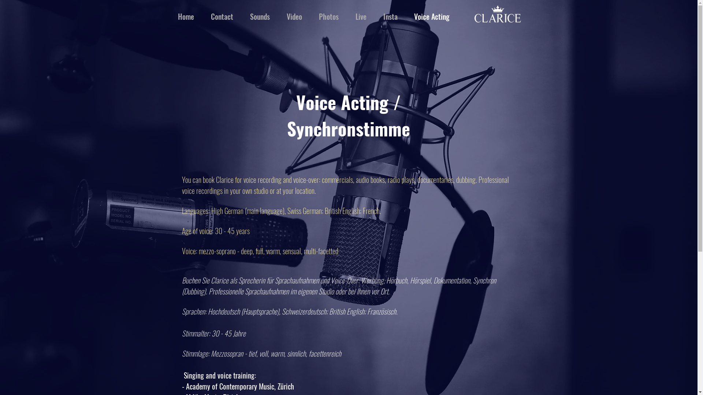  What do you see at coordinates (361, 16) in the screenshot?
I see `'Live'` at bounding box center [361, 16].